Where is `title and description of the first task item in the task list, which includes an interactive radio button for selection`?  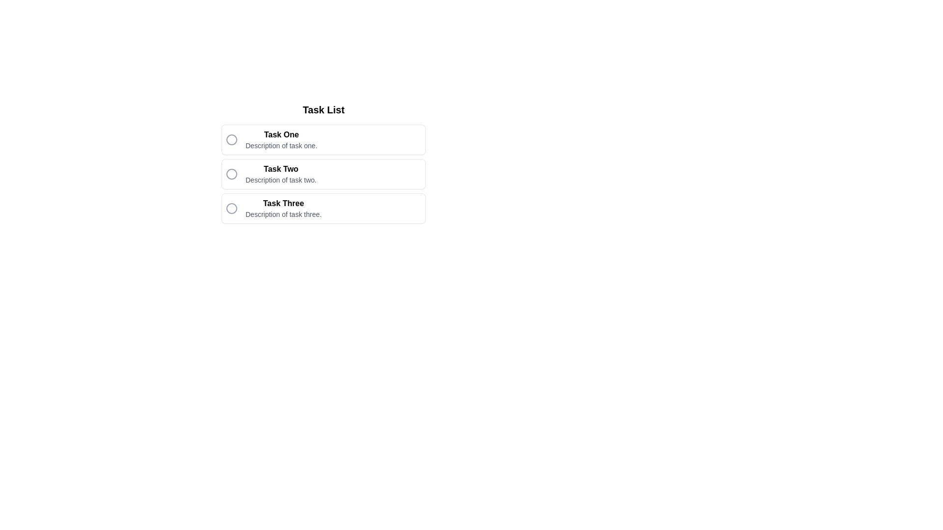
title and description of the first task item in the task list, which includes an interactive radio button for selection is located at coordinates (323, 140).